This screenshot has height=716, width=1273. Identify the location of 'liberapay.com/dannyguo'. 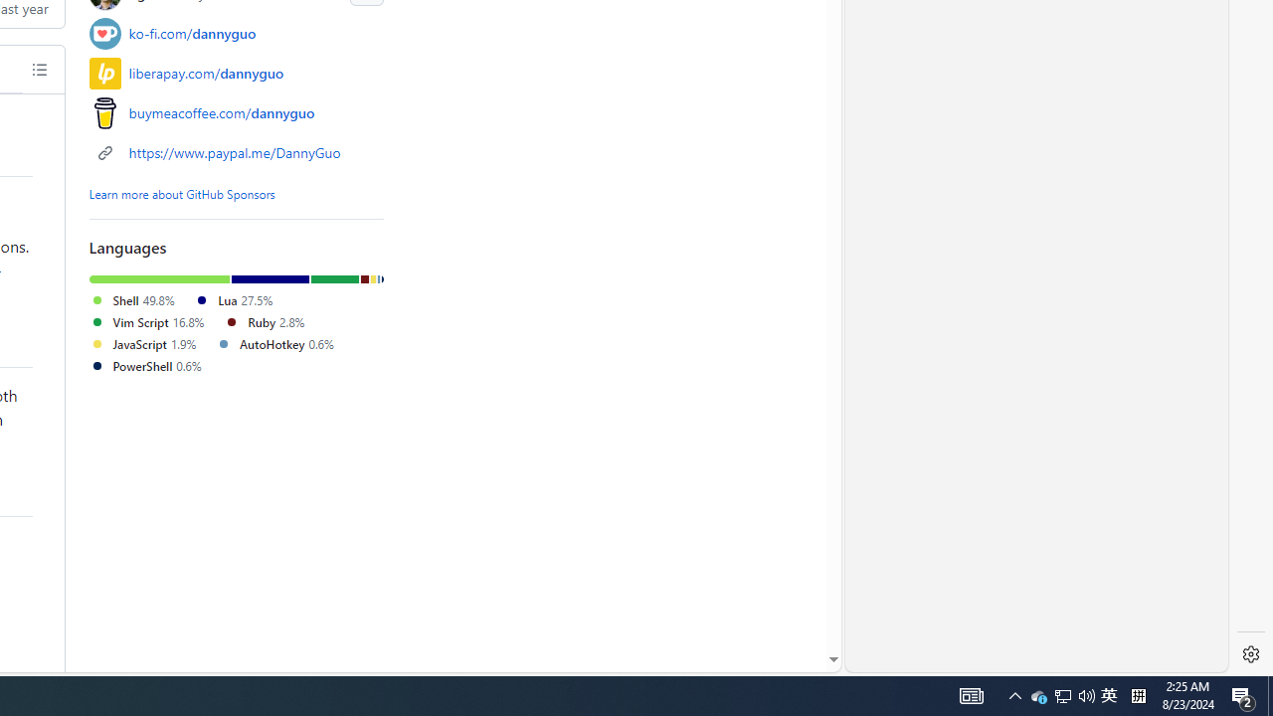
(206, 73).